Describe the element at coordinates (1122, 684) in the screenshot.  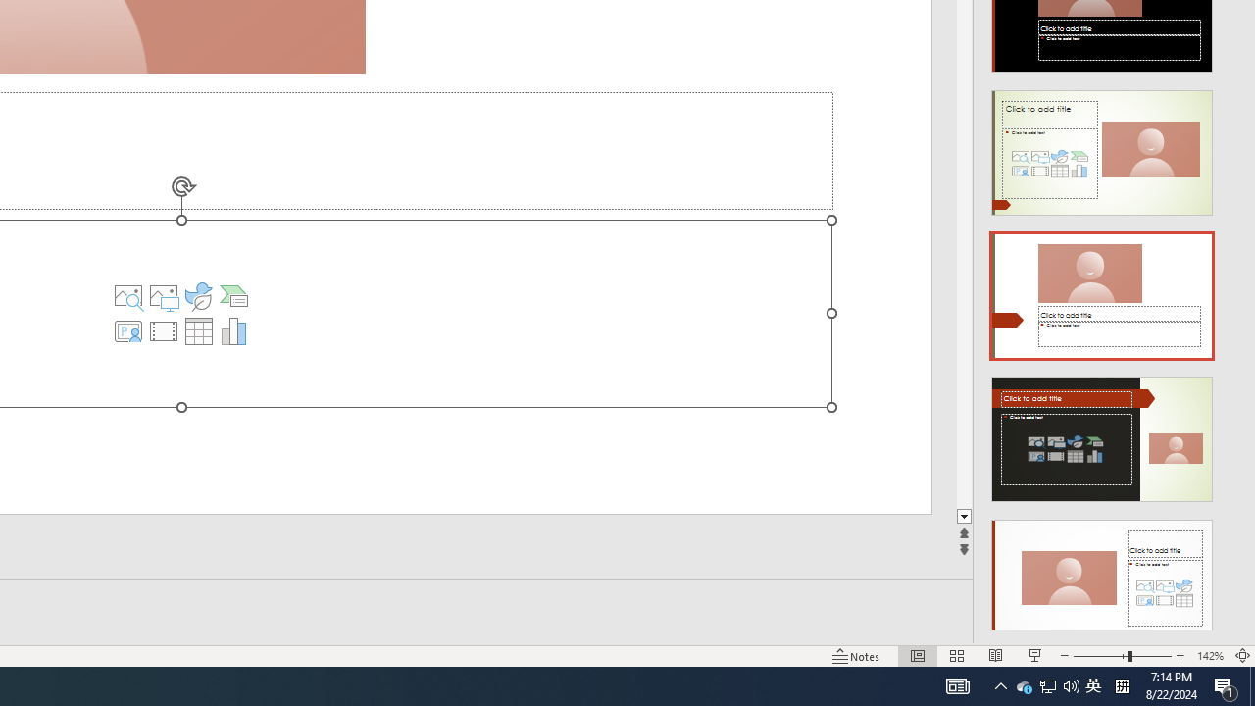
I see `'Tray Input Indicator - Chinese (Simplified, China)'` at that location.